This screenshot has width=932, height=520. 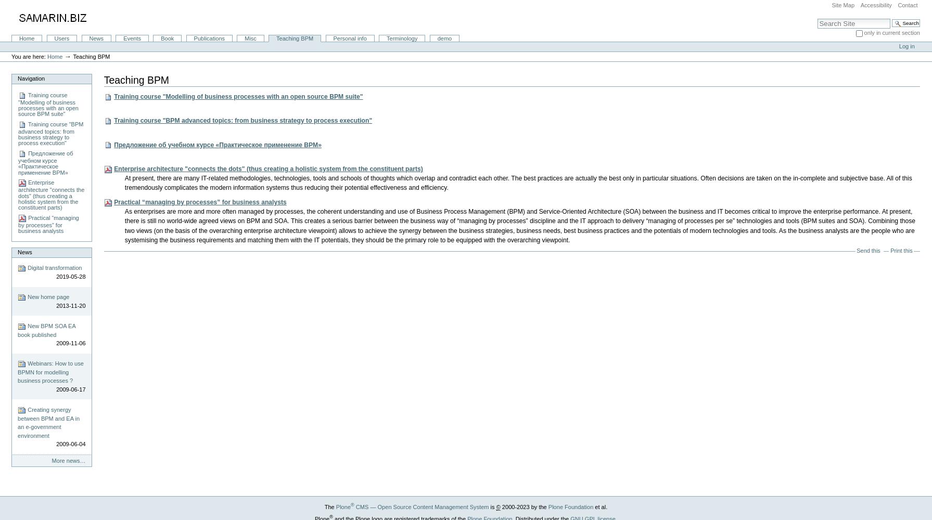 I want to click on '2009-11-06', so click(x=70, y=343).